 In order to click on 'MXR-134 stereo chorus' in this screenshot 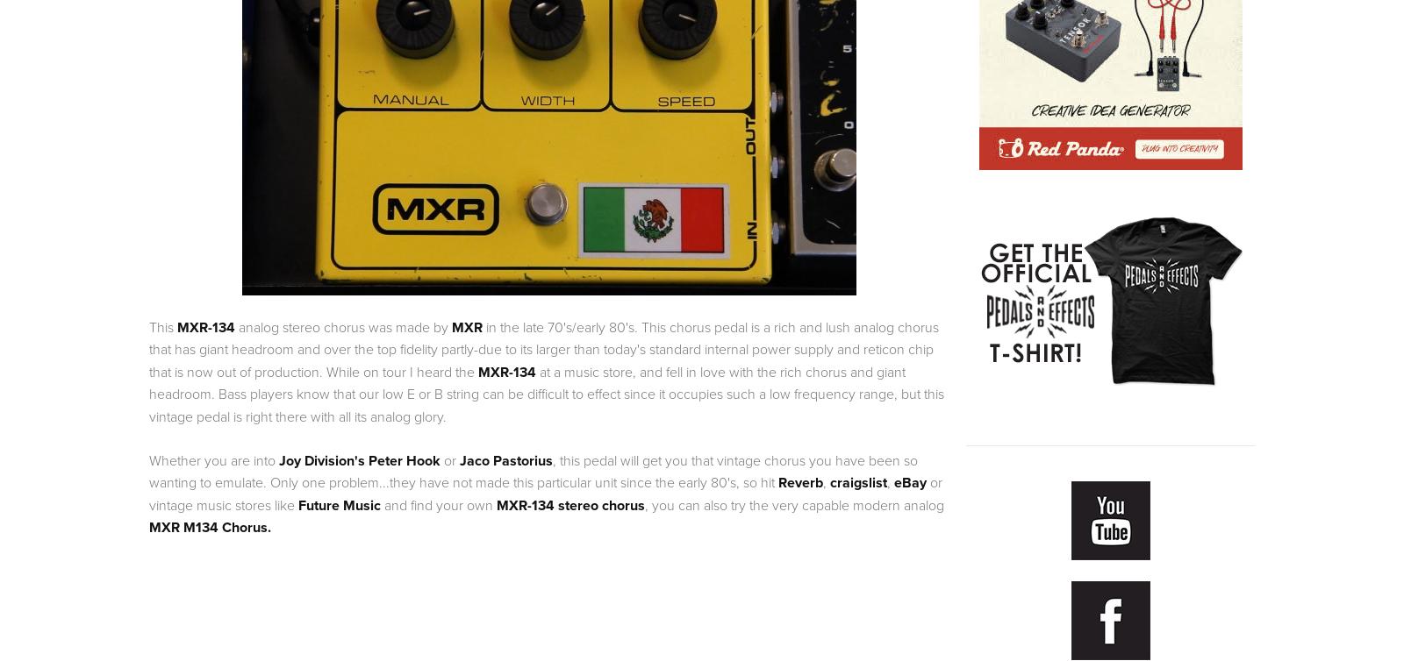, I will do `click(570, 503)`.